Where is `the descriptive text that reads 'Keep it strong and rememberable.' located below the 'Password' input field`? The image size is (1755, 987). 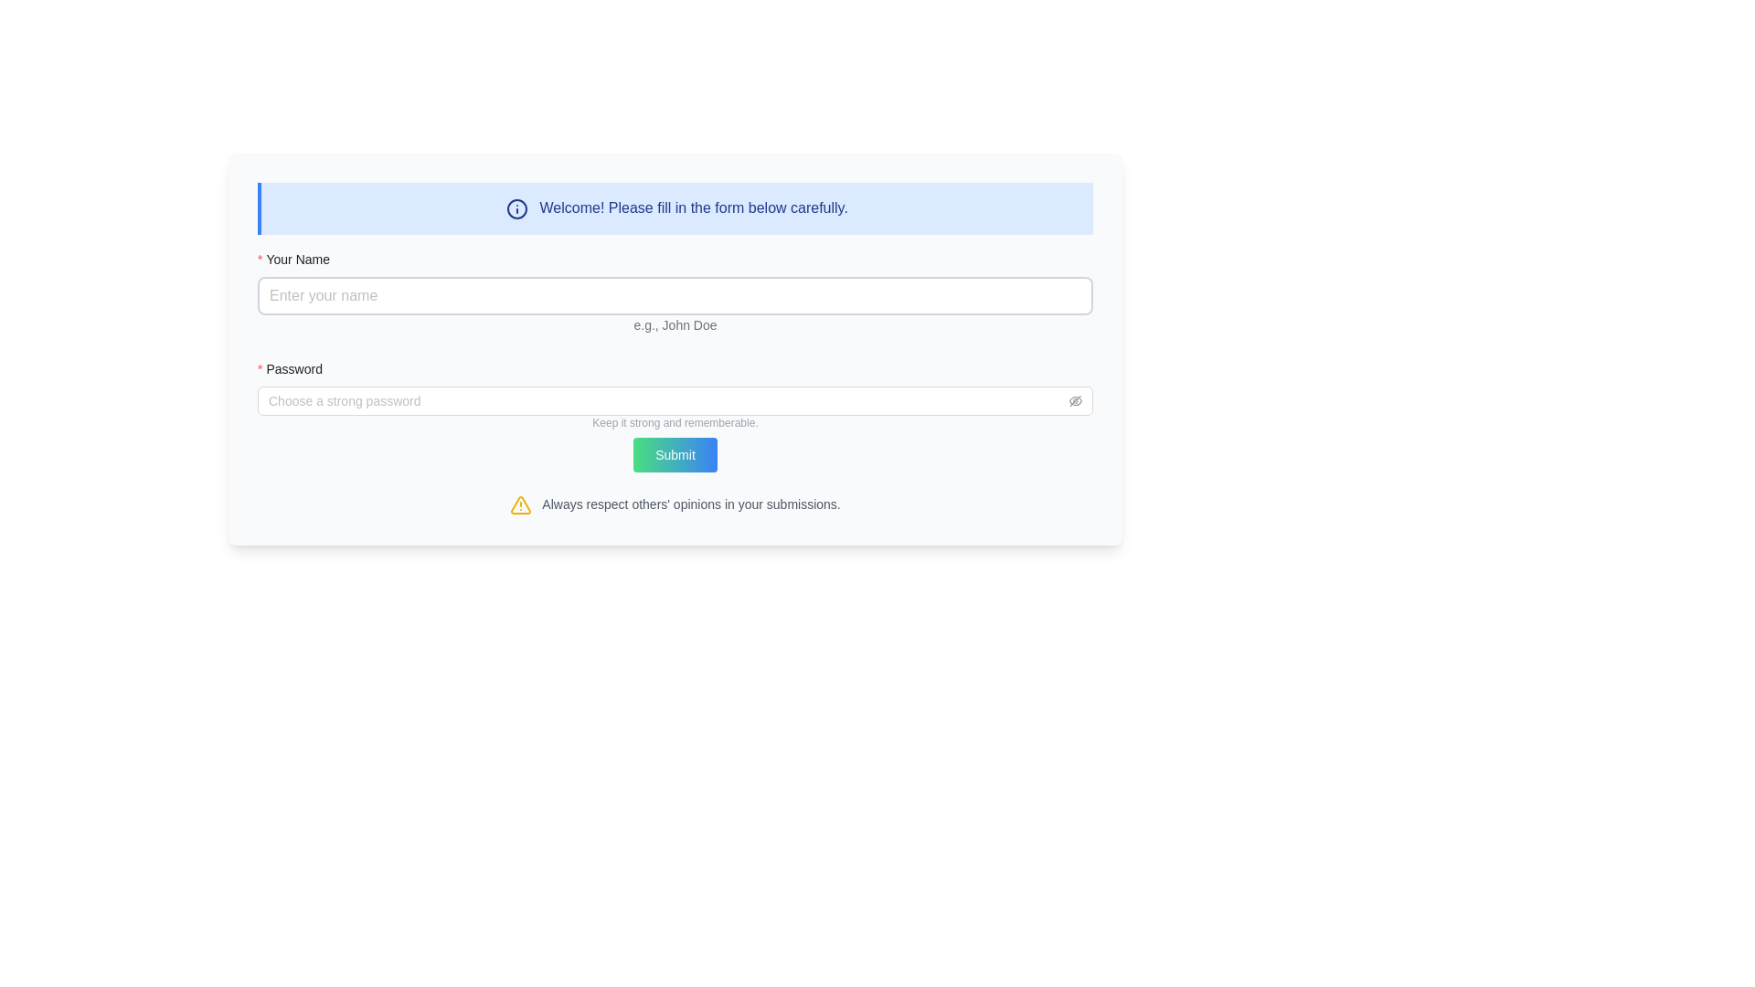 the descriptive text that reads 'Keep it strong and rememberable.' located below the 'Password' input field is located at coordinates (675, 411).